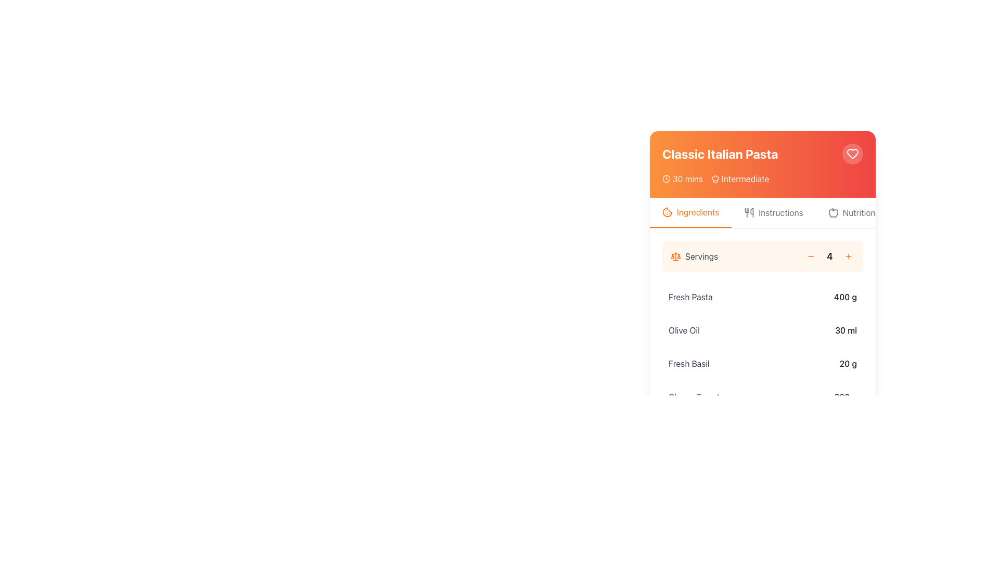 The image size is (999, 562). I want to click on the 'Instructions' navigation tab, which is a gray text label in a tab menu, positioned second from the left, so click(780, 212).